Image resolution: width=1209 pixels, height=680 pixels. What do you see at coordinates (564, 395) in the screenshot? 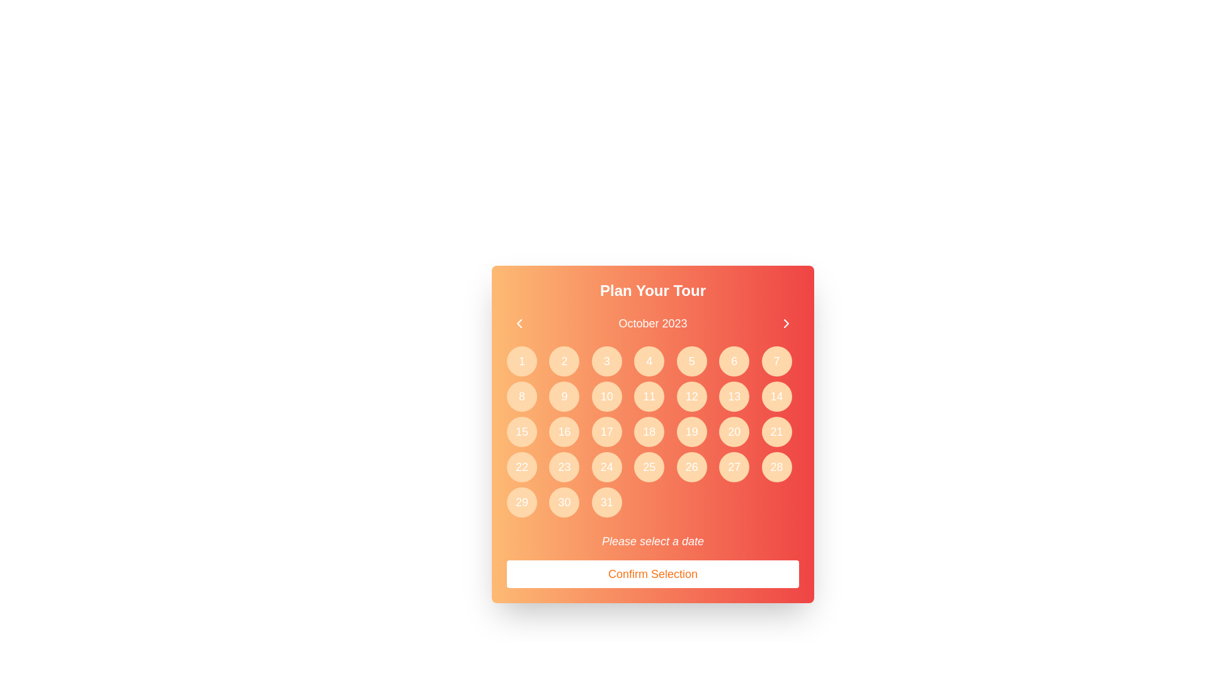
I see `the circular button labeled with the number '9'` at bounding box center [564, 395].